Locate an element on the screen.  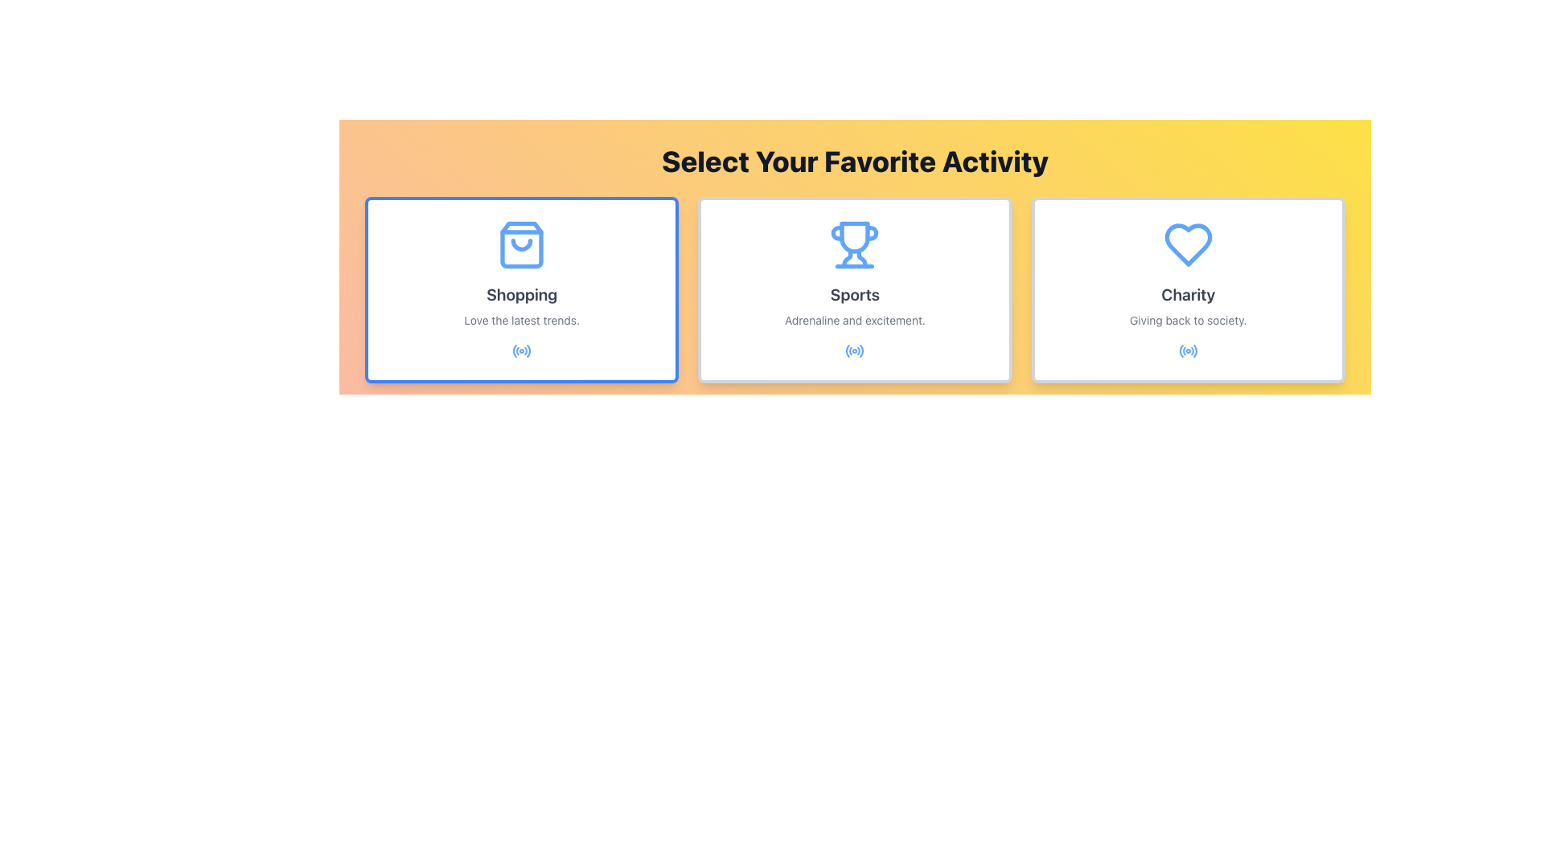
the upper rounded portion of the trophy represented in blue within the 'Sports' card icon is located at coordinates (854, 237).